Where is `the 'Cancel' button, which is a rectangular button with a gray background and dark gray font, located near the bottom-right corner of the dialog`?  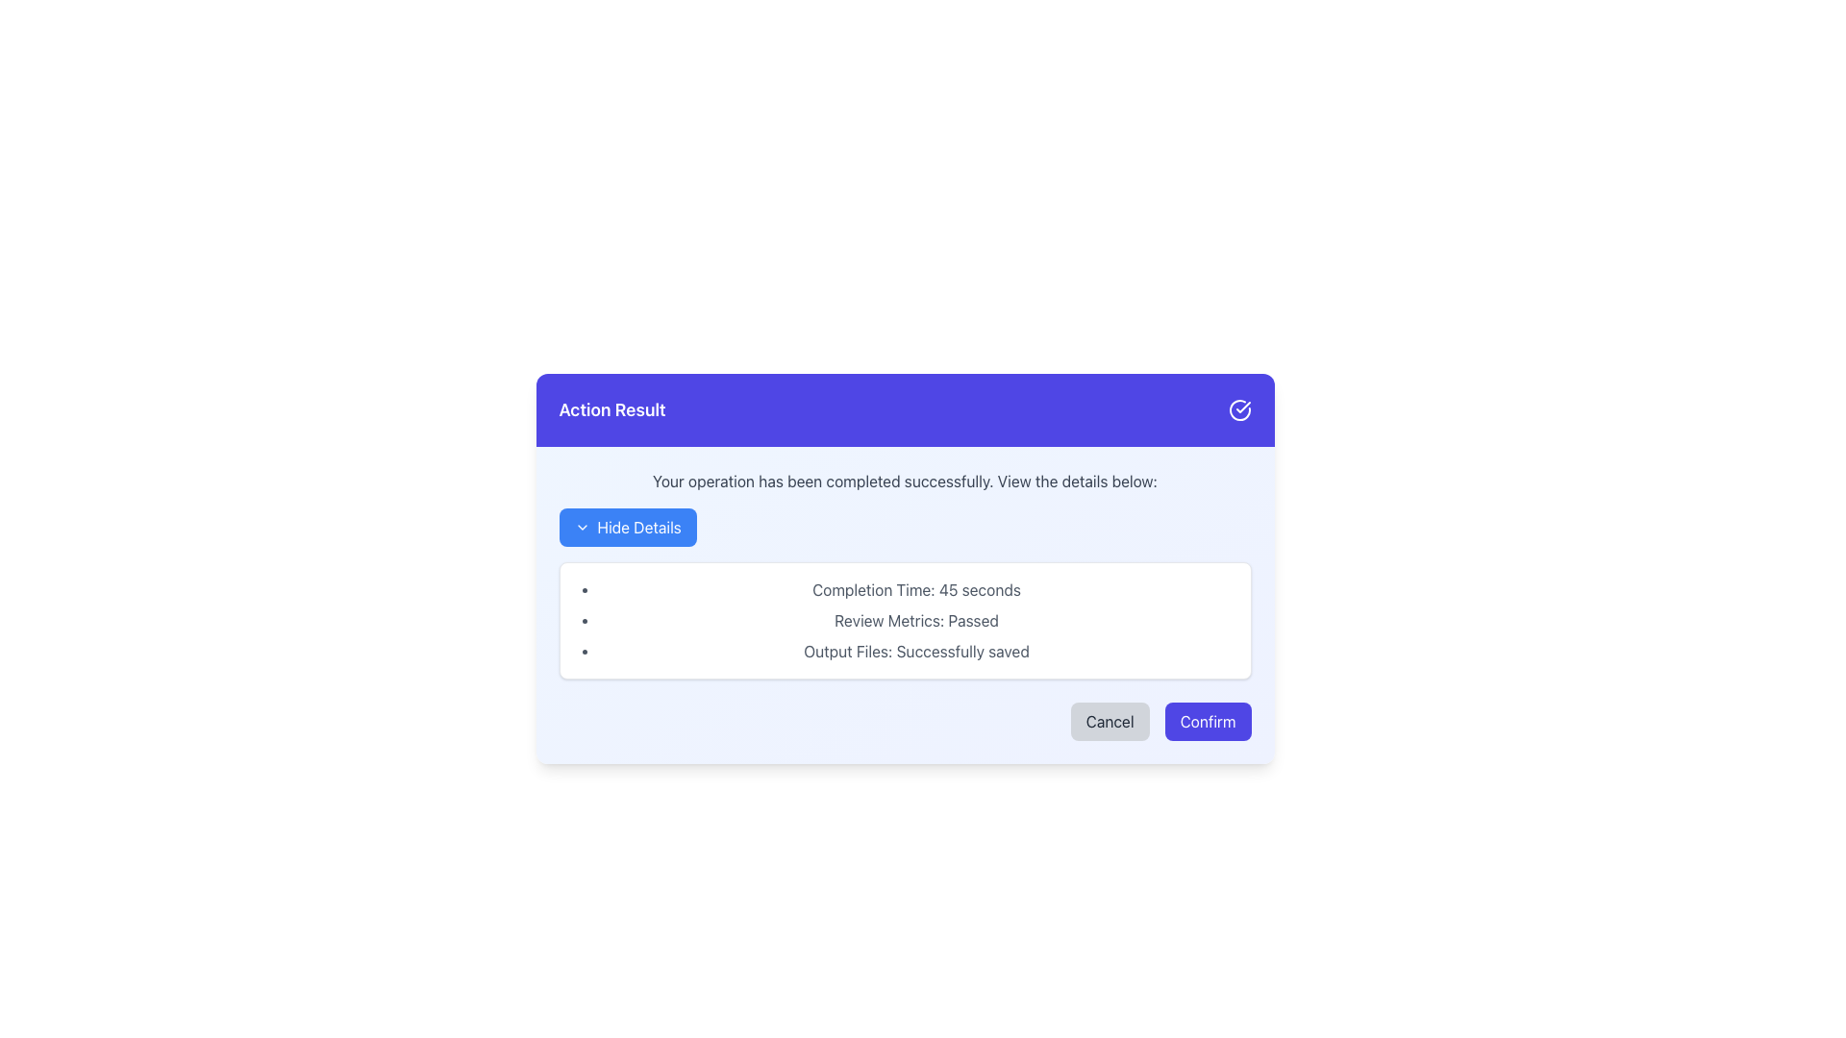
the 'Cancel' button, which is a rectangular button with a gray background and dark gray font, located near the bottom-right corner of the dialog is located at coordinates (1110, 722).